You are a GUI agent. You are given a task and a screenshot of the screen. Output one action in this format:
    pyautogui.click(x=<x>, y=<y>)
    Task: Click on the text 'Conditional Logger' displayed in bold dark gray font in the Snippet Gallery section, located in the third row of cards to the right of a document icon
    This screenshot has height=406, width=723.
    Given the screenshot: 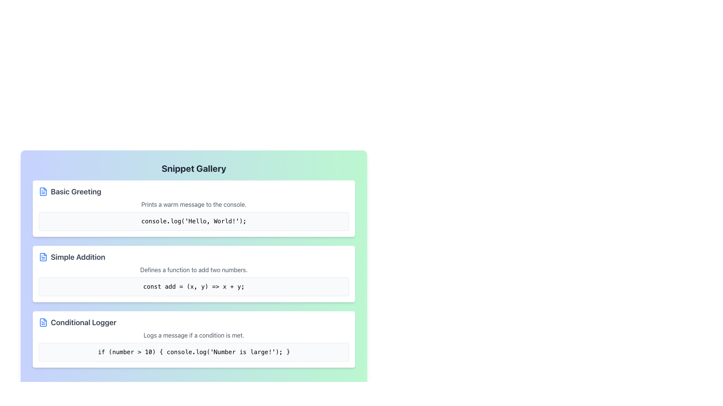 What is the action you would take?
    pyautogui.click(x=84, y=322)
    